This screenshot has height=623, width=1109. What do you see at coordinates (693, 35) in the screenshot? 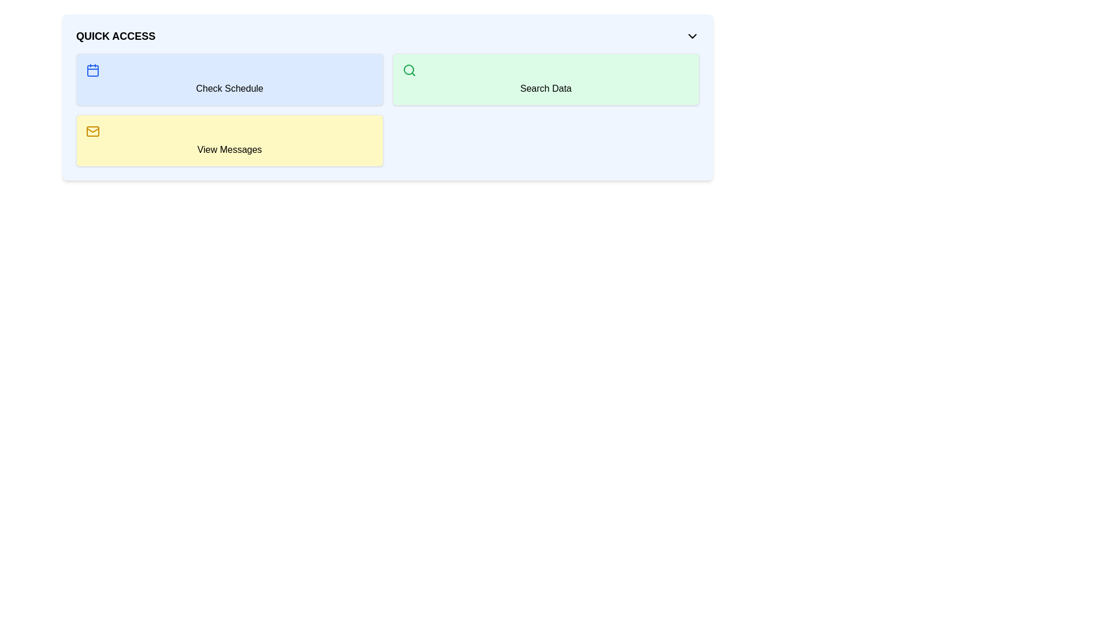
I see `the dropdown toggle button located at the top-right corner of the 'Quick Access' section` at bounding box center [693, 35].